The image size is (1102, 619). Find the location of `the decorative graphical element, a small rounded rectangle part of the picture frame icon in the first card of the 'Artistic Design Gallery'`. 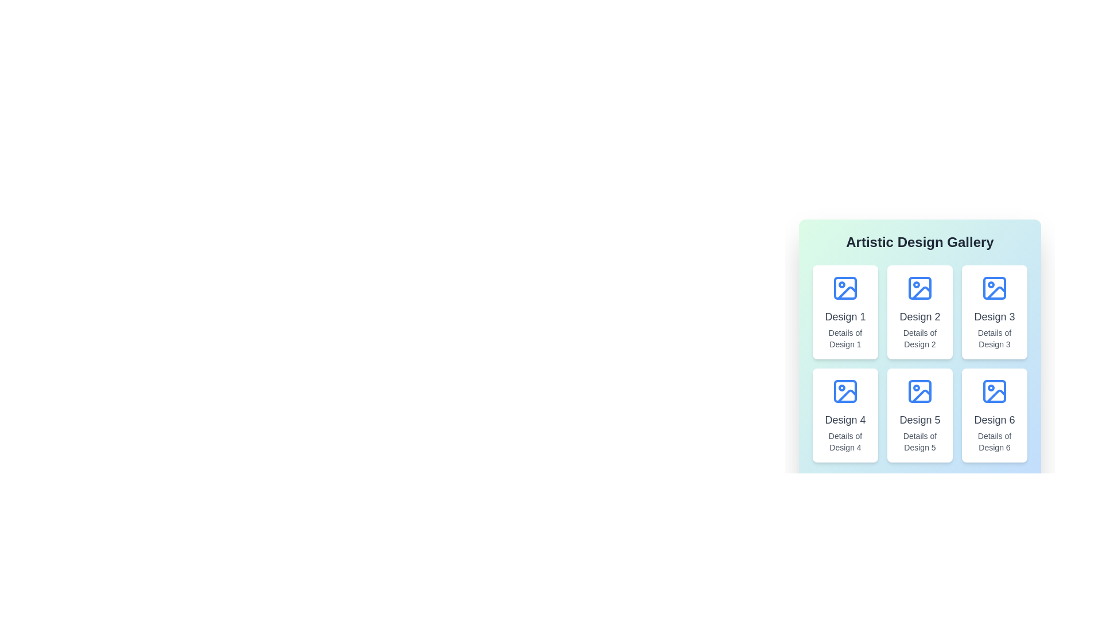

the decorative graphical element, a small rounded rectangle part of the picture frame icon in the first card of the 'Artistic Design Gallery' is located at coordinates (845, 287).